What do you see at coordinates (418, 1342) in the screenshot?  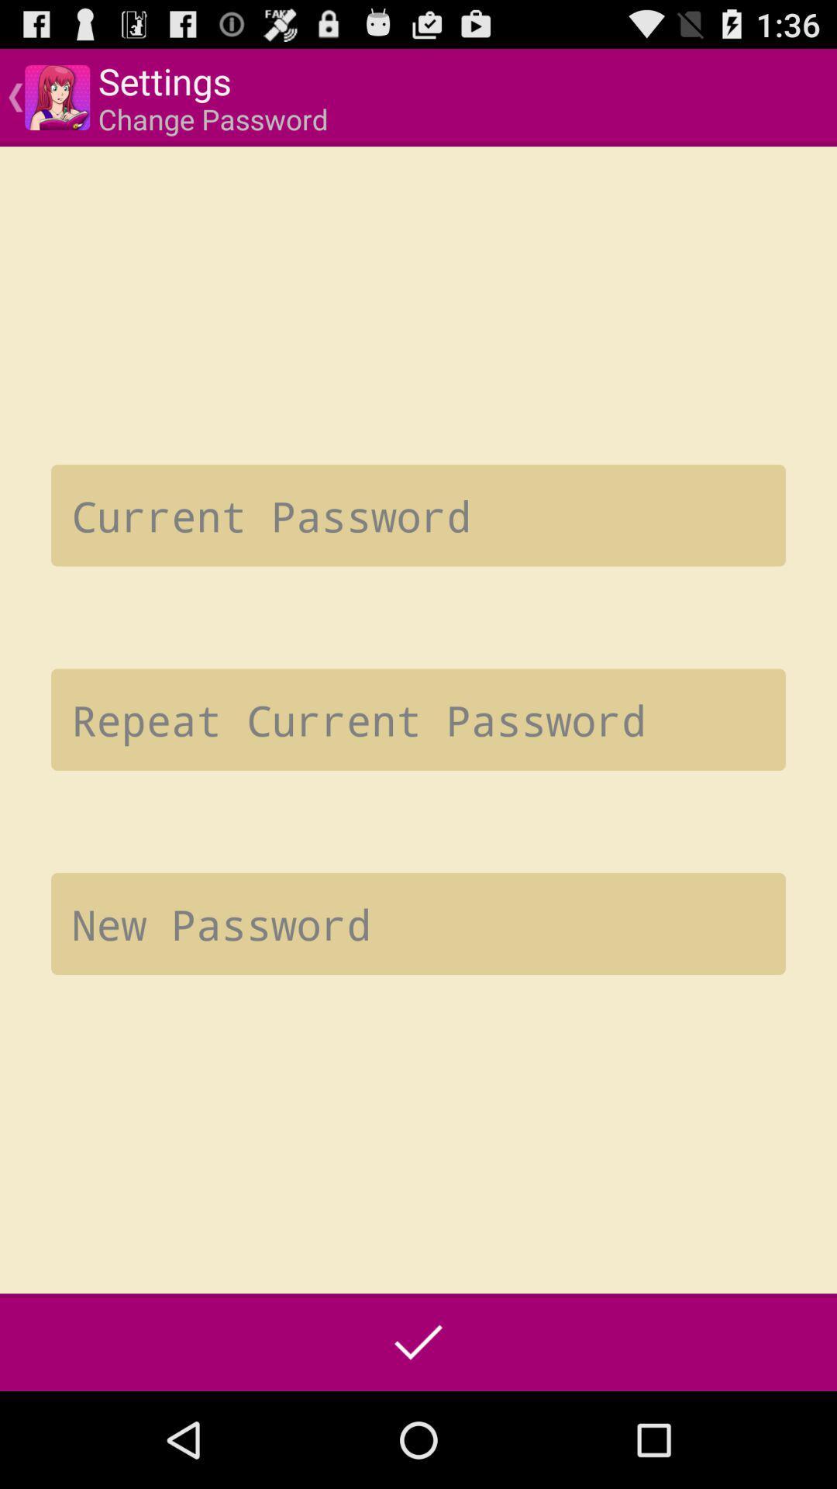 I see `the icon at the bottom` at bounding box center [418, 1342].